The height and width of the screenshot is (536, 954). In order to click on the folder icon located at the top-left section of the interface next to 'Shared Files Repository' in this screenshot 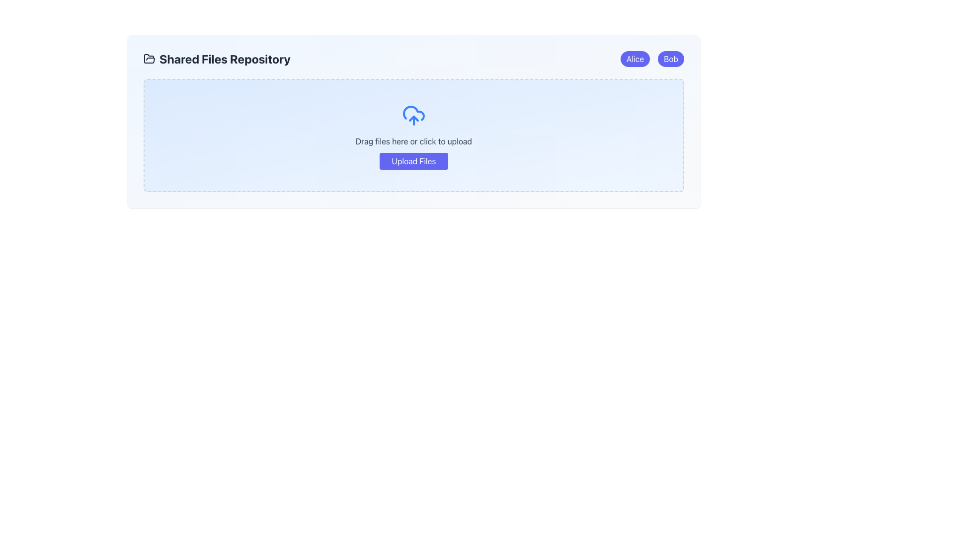, I will do `click(149, 59)`.